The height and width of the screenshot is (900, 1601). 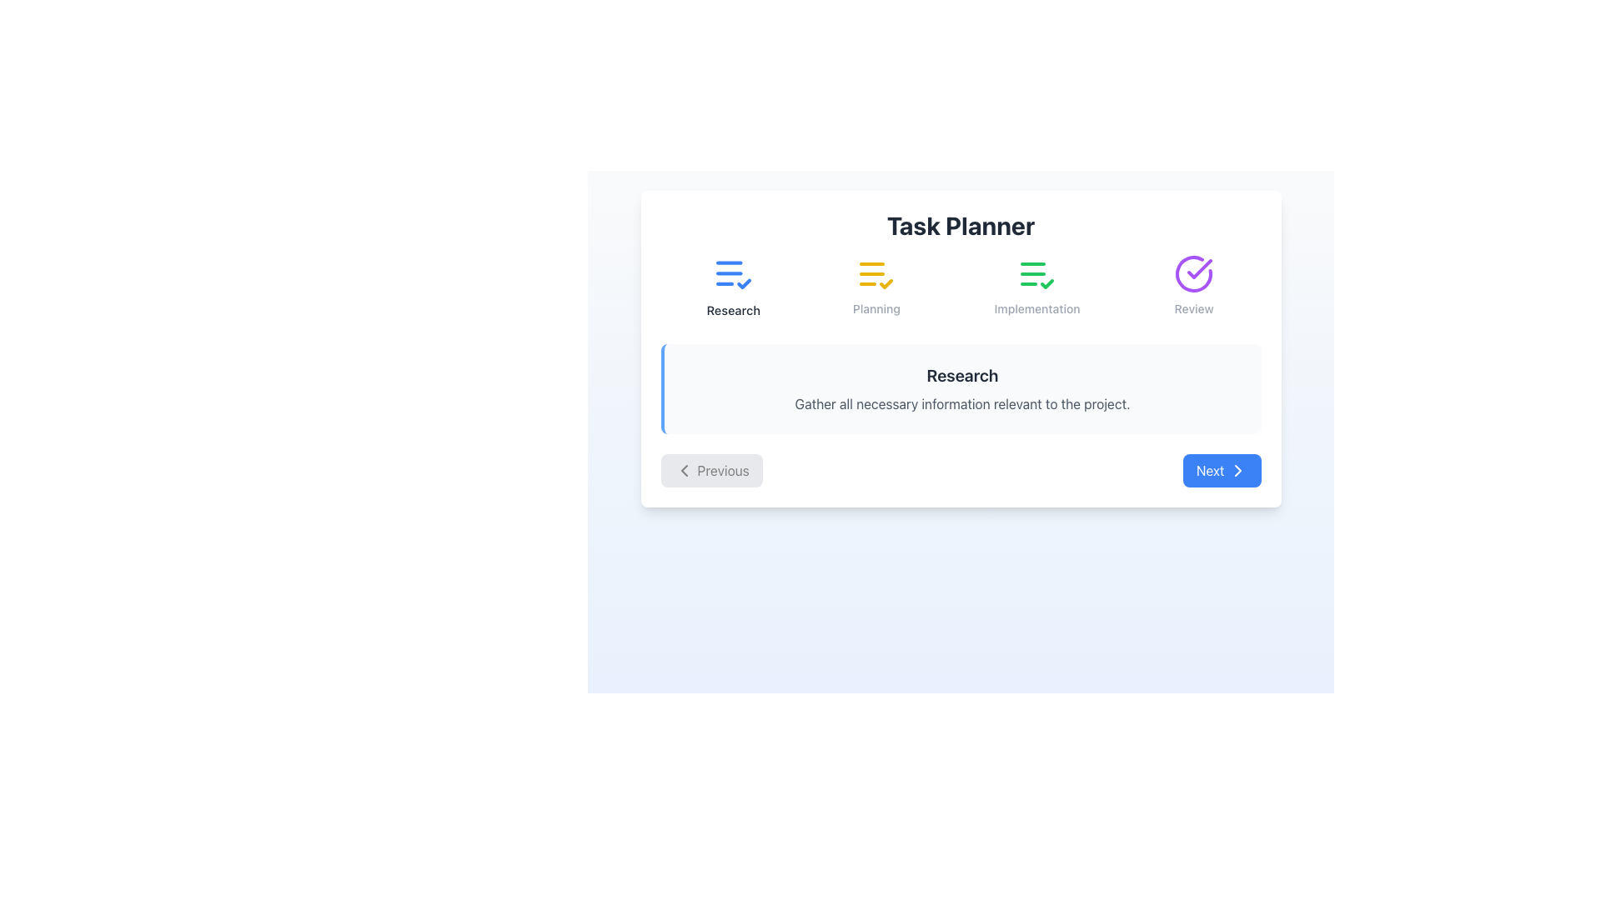 I want to click on the 'Next' button that contains the right-pointing chevron arrow icon, which is styled with a white stroke on a transparent background, located at the bottom-right corner of the layout, so click(x=1237, y=470).